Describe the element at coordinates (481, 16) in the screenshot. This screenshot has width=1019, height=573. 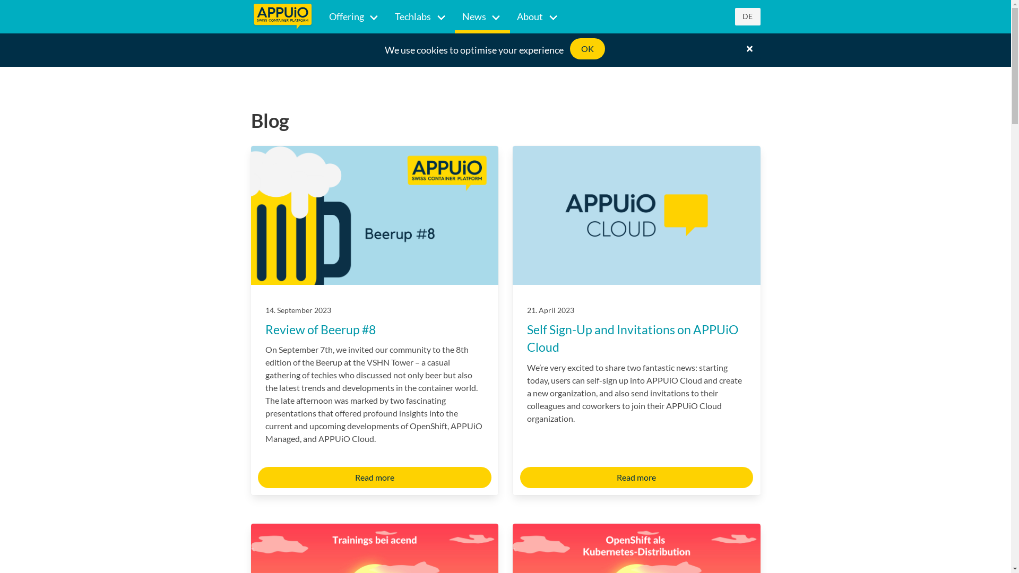
I see `'News'` at that location.